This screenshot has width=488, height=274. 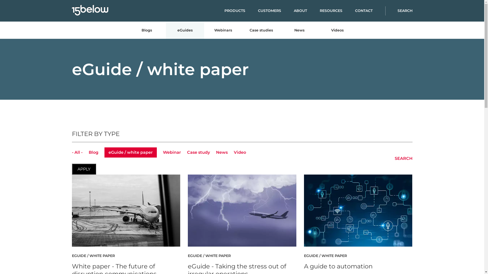 I want to click on 'CONTACT', so click(x=370, y=11).